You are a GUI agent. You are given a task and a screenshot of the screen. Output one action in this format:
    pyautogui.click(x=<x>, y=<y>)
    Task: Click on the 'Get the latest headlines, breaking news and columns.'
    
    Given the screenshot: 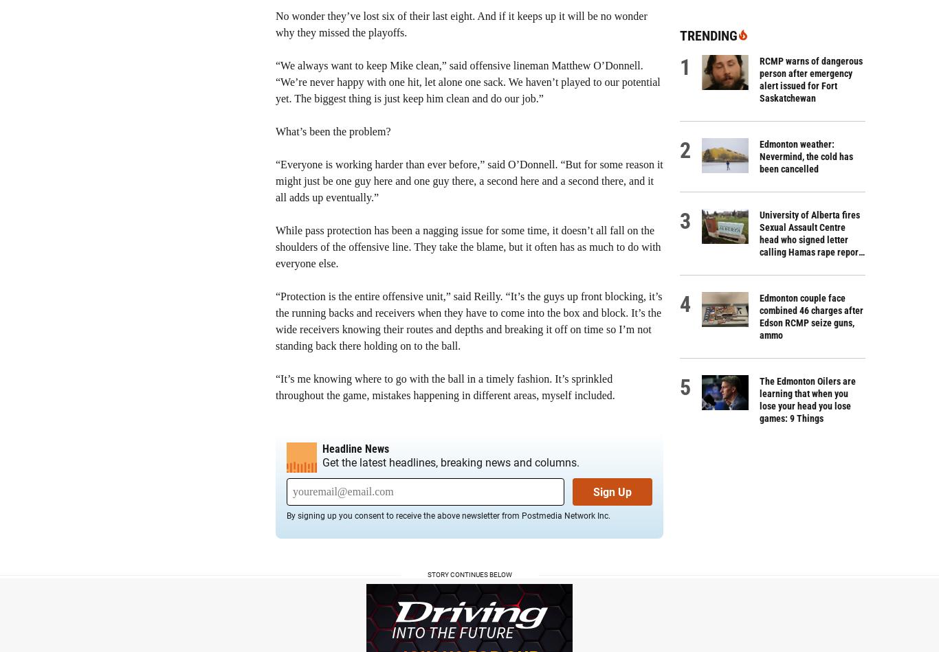 What is the action you would take?
    pyautogui.click(x=450, y=462)
    